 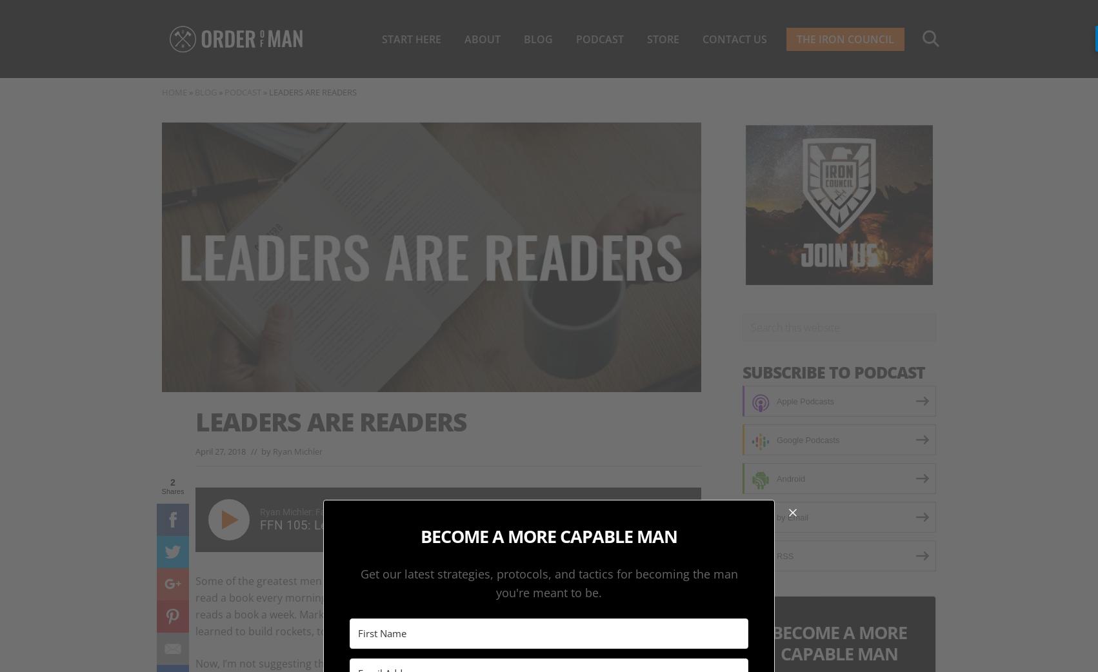 What do you see at coordinates (844, 38) in the screenshot?
I see `'The Iron Council'` at bounding box center [844, 38].